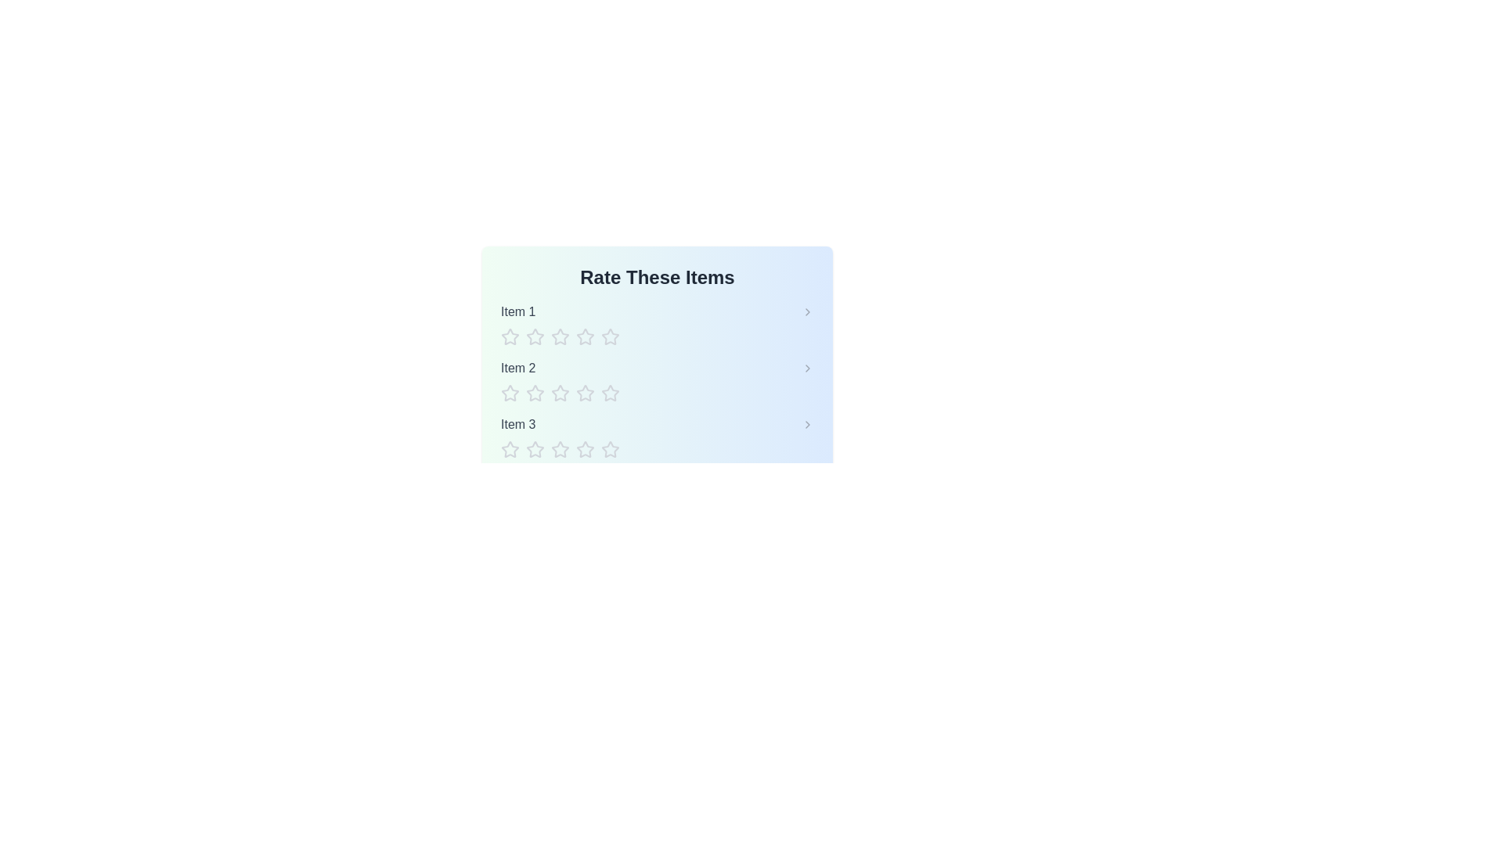  What do you see at coordinates (510, 336) in the screenshot?
I see `the star corresponding to the rating 1 for item Item 1` at bounding box center [510, 336].